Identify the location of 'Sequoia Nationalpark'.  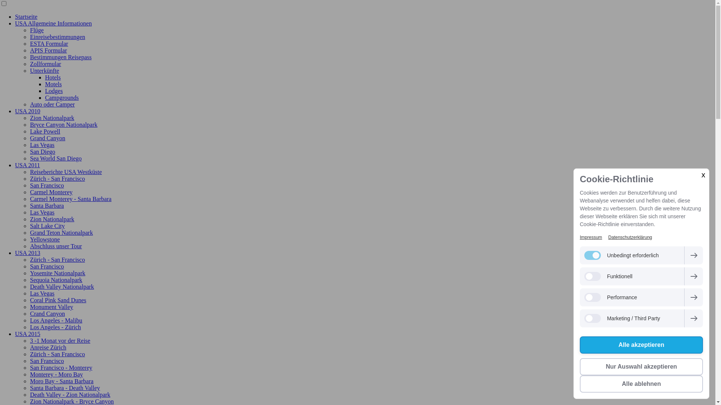
(30, 280).